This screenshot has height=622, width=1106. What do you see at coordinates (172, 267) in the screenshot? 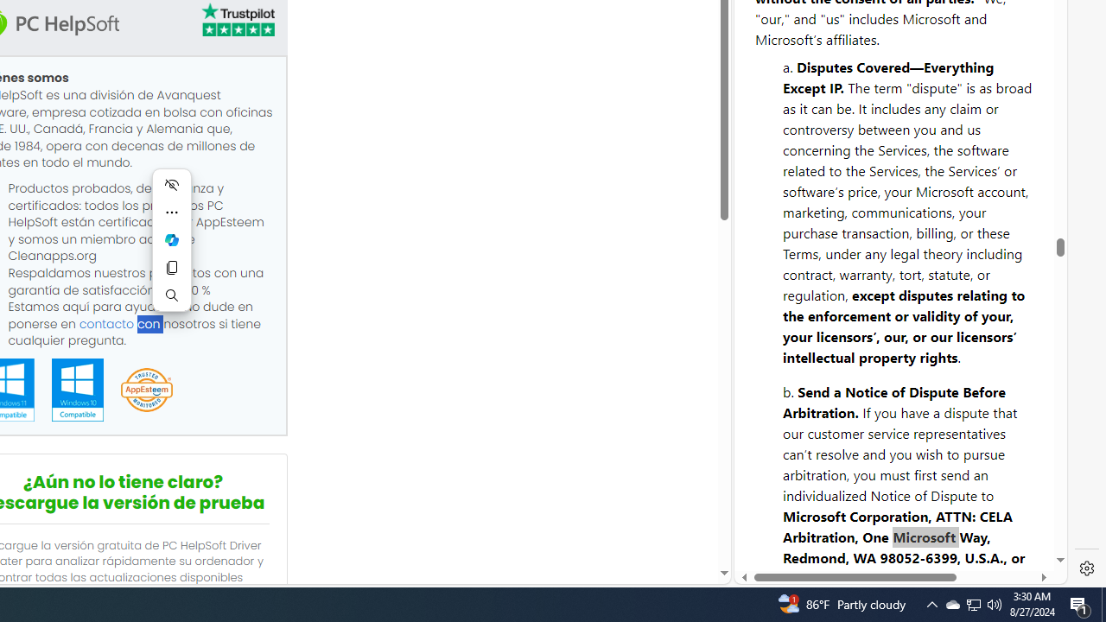
I see `'Copy'` at bounding box center [172, 267].